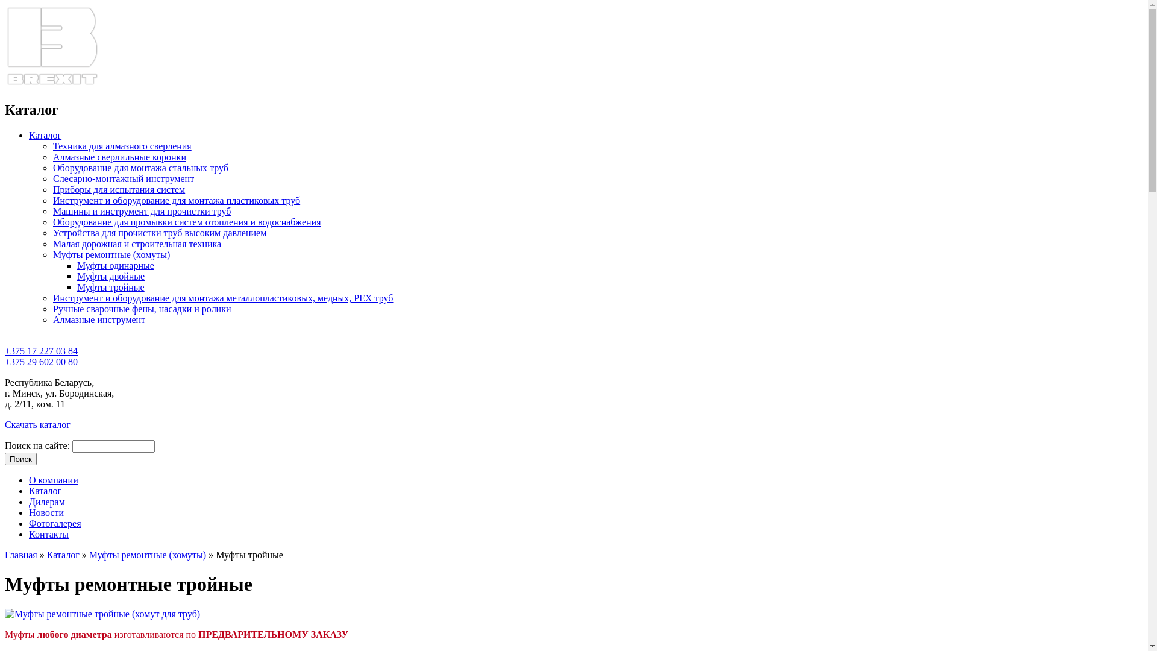  I want to click on '+375 17 227 03 84', so click(41, 356).